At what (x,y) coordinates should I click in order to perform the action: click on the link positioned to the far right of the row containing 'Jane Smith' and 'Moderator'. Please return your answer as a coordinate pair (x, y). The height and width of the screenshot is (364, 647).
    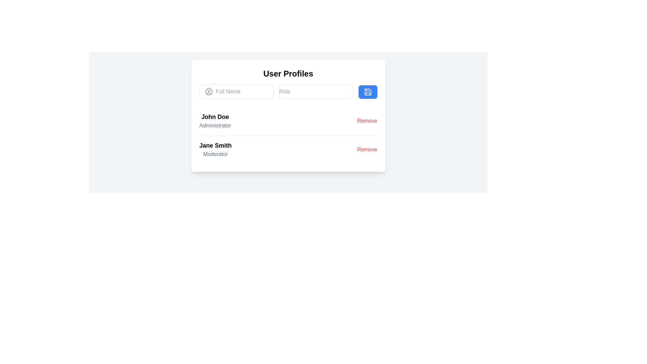
    Looking at the image, I should click on (367, 149).